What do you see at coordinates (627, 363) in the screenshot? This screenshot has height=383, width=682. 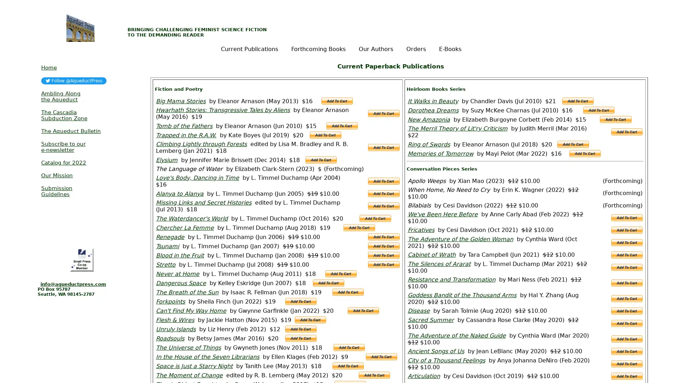 I see `Make payments with PayPal - it\'s fast, free and secure!` at bounding box center [627, 363].